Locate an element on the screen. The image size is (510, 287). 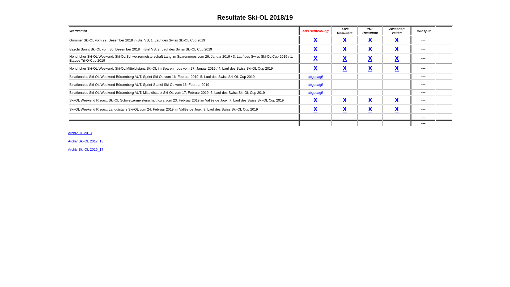
'X' is located at coordinates (397, 40).